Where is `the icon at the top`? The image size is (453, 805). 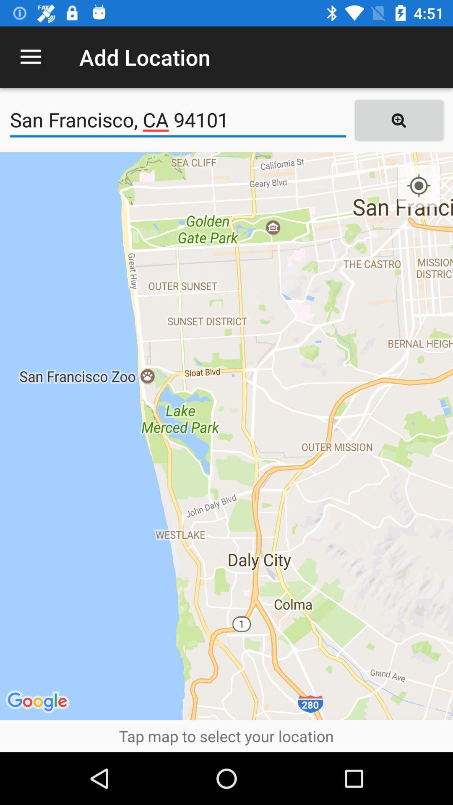 the icon at the top is located at coordinates (177, 119).